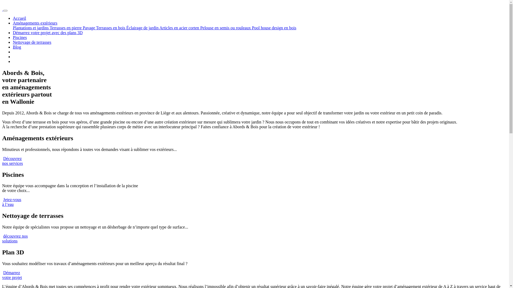 This screenshot has height=288, width=513. I want to click on 'Terrasses en bois', so click(111, 28).